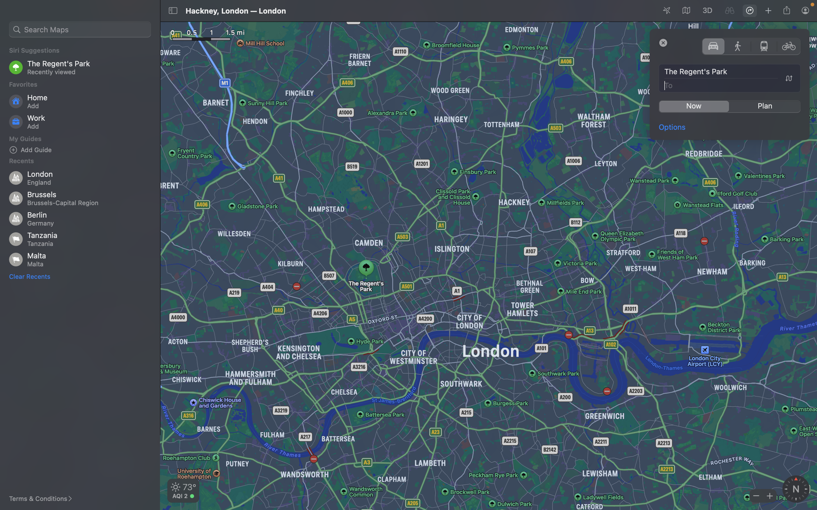  What do you see at coordinates (788, 78) in the screenshot?
I see `Interchange the start and end points in the direction panel` at bounding box center [788, 78].